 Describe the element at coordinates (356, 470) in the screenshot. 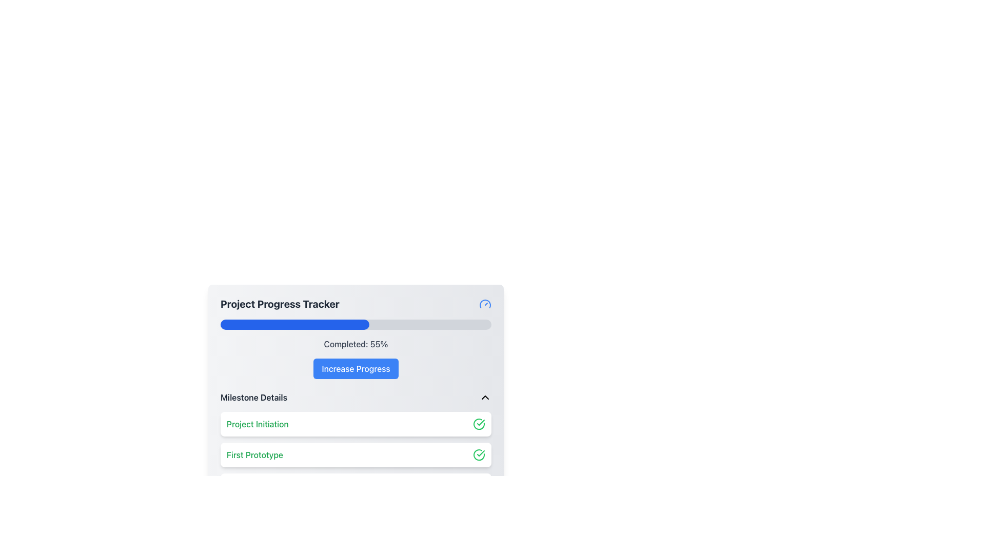

I see `titles of the milestone items listed below the 'Milestone Details' heading, which include 'Project Initiation' and 'First Prototype'` at that location.